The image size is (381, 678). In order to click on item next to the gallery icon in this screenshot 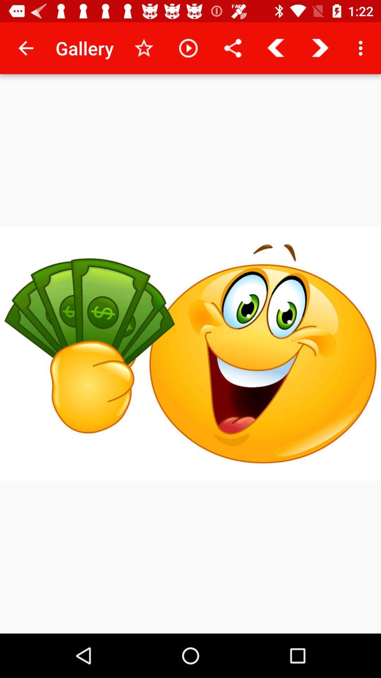, I will do `click(144, 48)`.